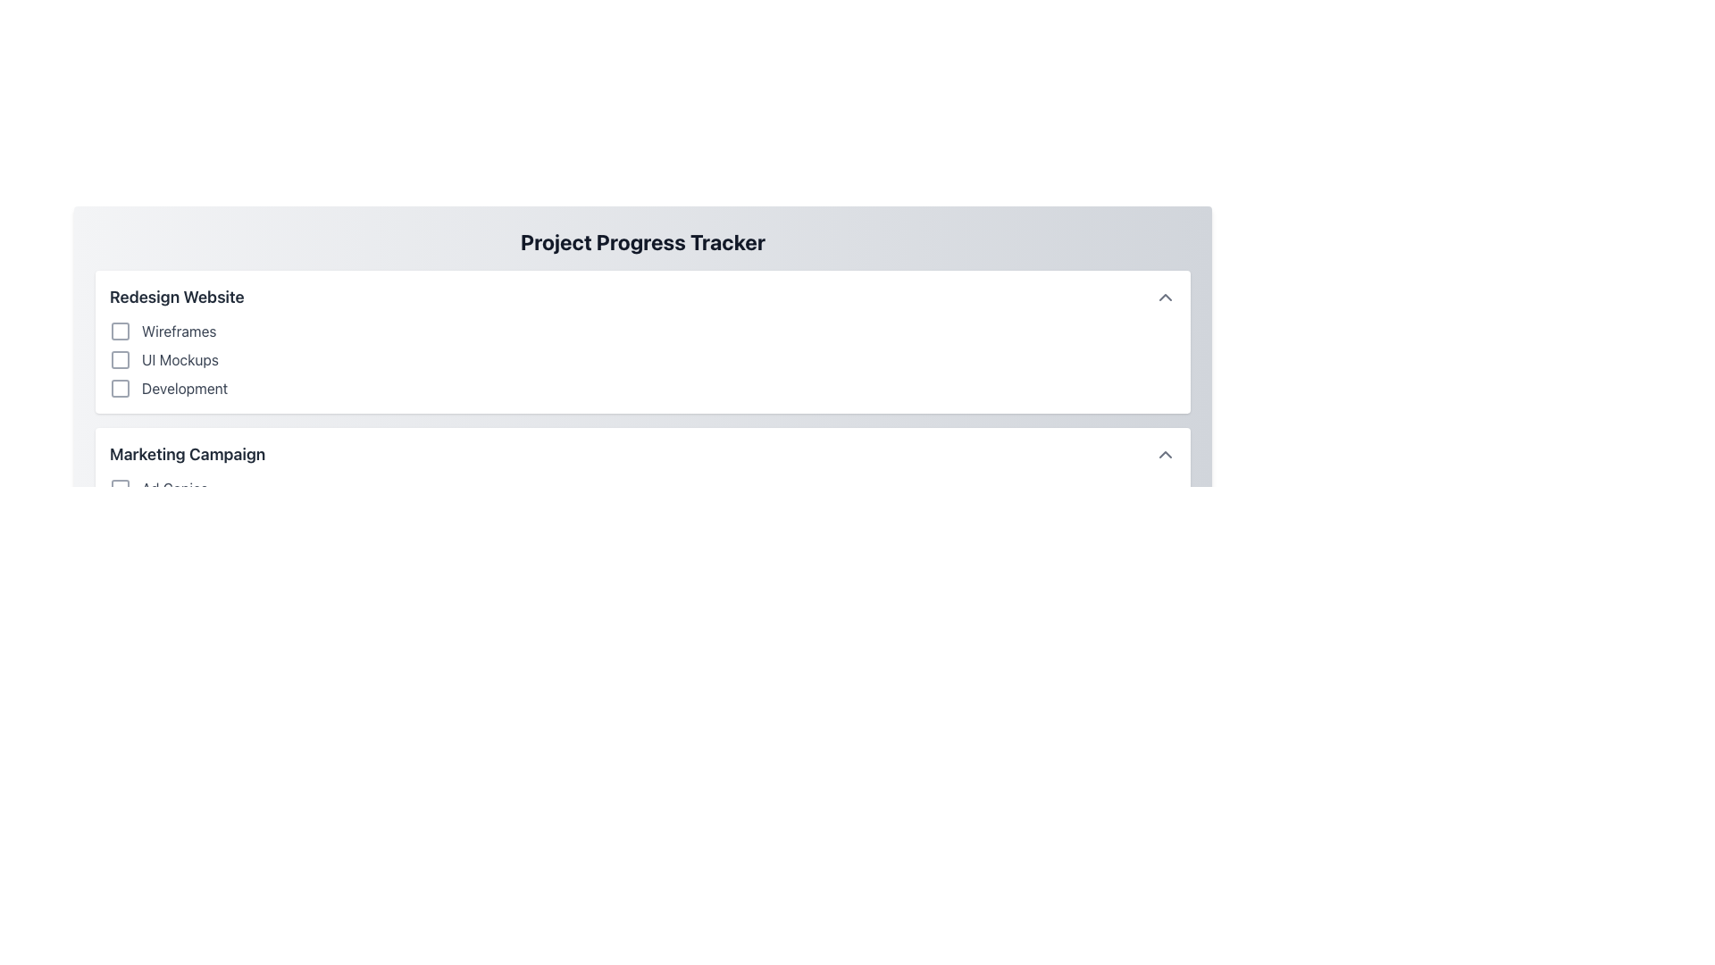 This screenshot has height=965, width=1715. Describe the element at coordinates (643, 241) in the screenshot. I see `the text header reading 'Project Progress Tracker' which is styled with a bold font, large size, and dark gray color, located at the top of its section` at that location.